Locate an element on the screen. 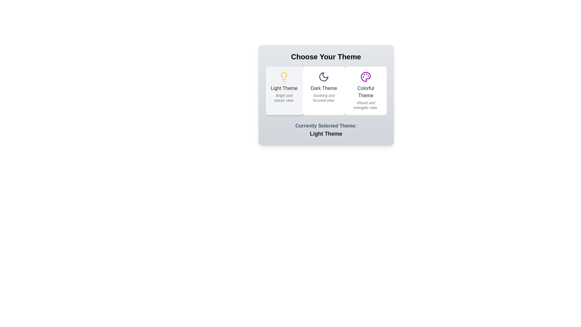 This screenshot has width=581, height=327. the text of the element displaying the currently selected theme is located at coordinates (326, 134).